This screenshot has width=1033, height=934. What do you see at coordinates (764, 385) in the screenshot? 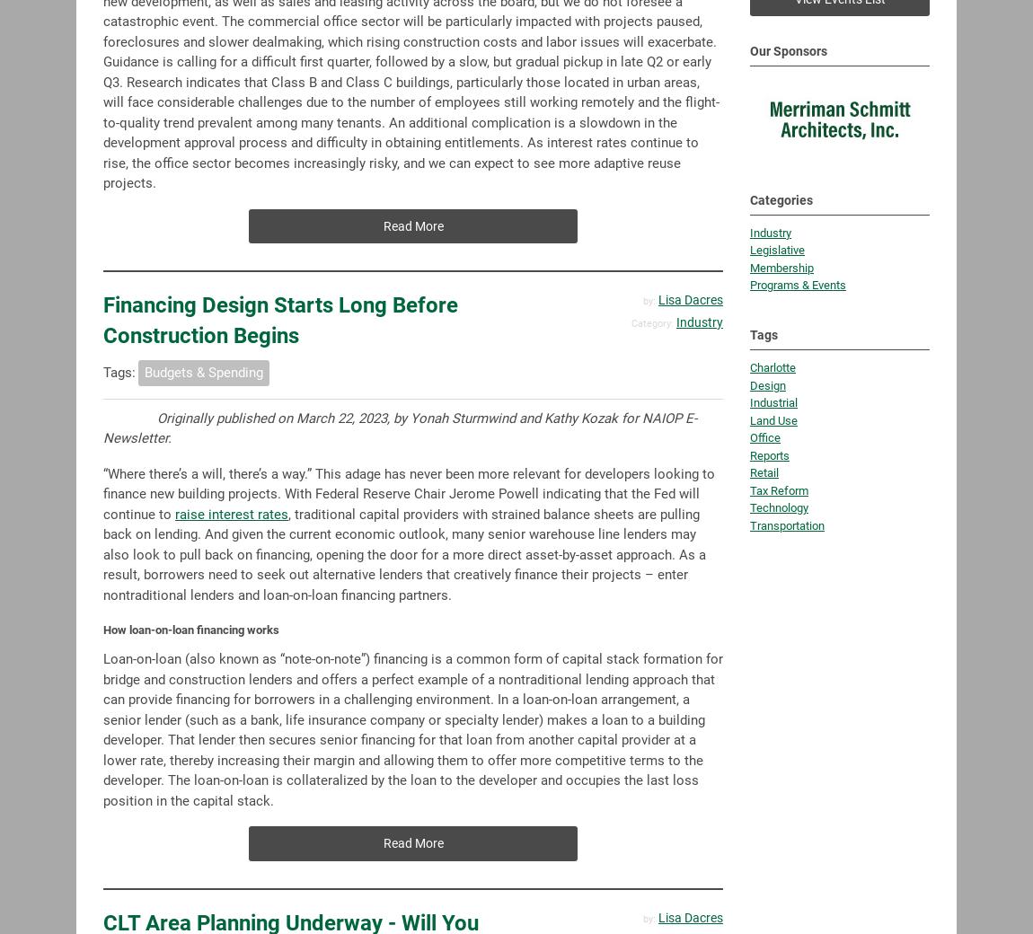
I see `'Retail'` at bounding box center [764, 385].